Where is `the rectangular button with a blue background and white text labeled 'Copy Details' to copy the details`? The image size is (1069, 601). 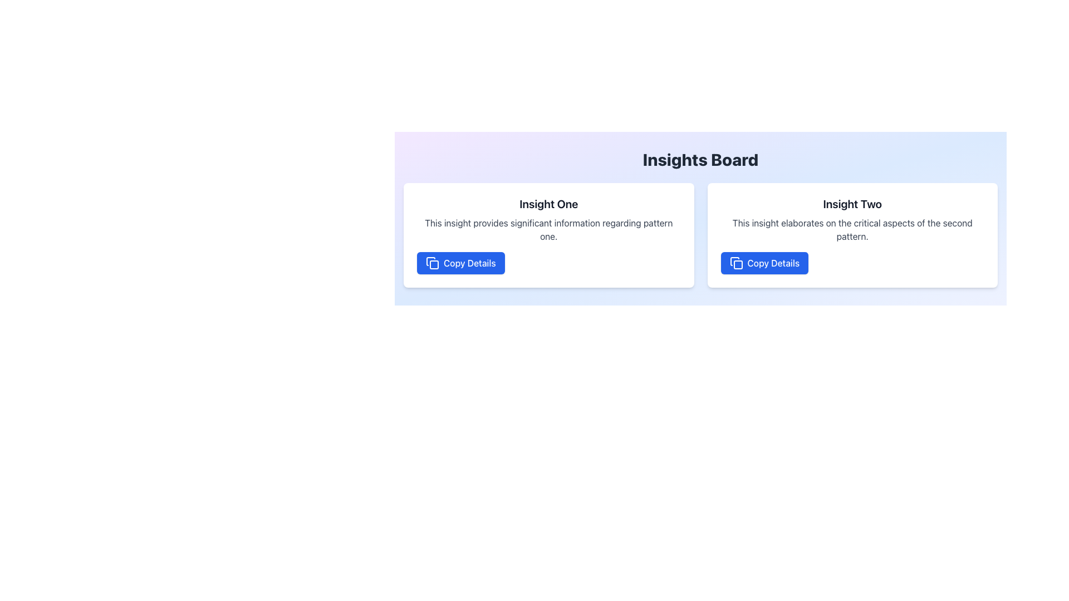 the rectangular button with a blue background and white text labeled 'Copy Details' to copy the details is located at coordinates (764, 263).